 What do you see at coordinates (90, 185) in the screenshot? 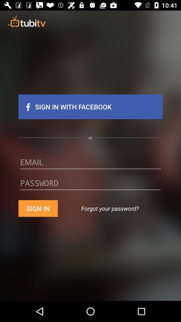
I see `password field` at bounding box center [90, 185].